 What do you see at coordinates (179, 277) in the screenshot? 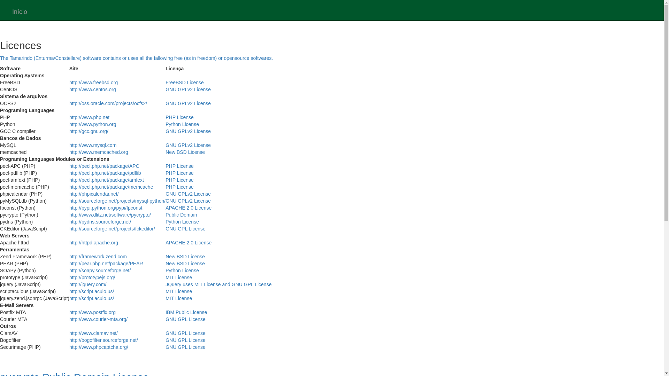
I see `'MIT License'` at bounding box center [179, 277].